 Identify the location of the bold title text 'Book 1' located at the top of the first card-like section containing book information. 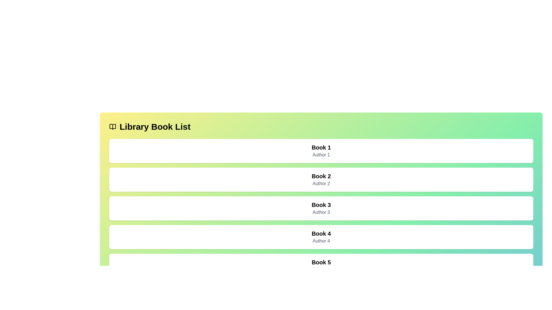
(321, 147).